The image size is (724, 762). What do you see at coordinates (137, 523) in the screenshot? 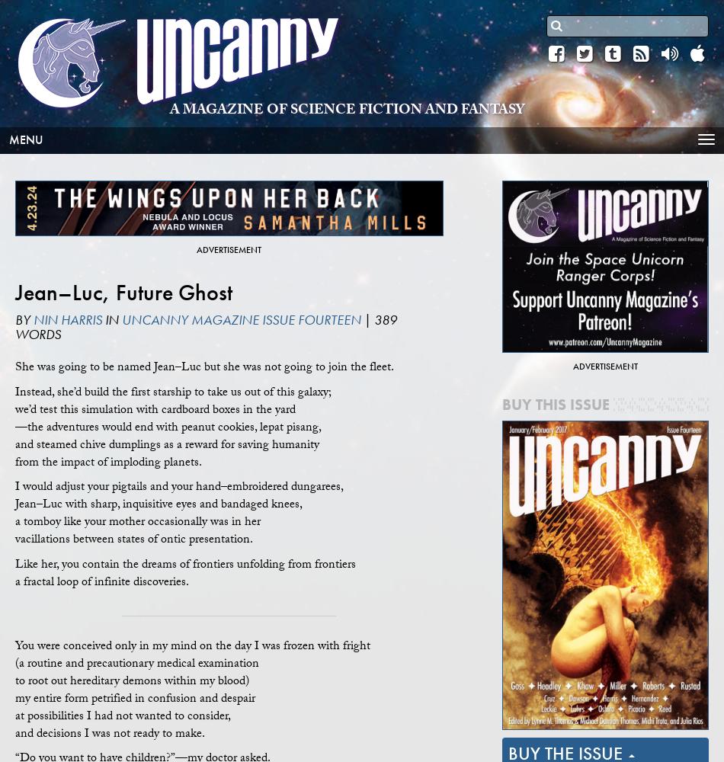
I see `'a tomboy like your mother occasionally was in her'` at bounding box center [137, 523].